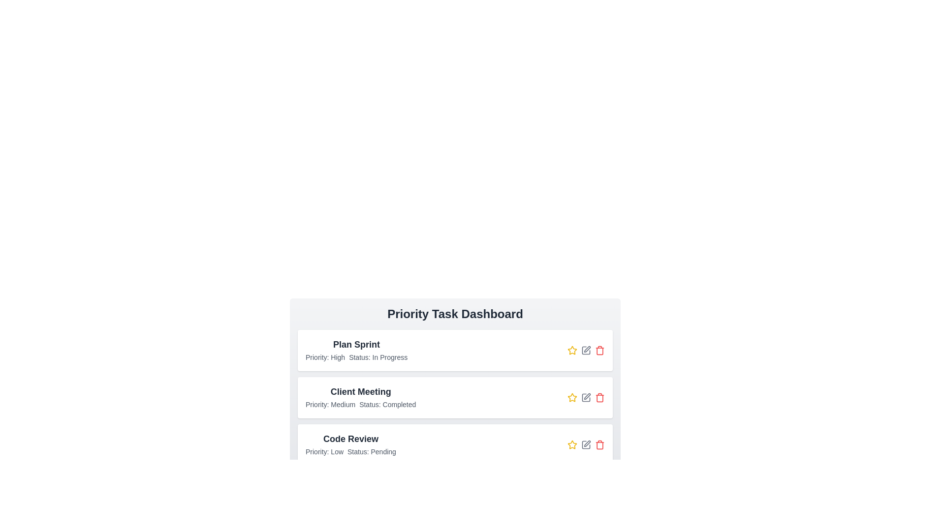 The image size is (945, 531). Describe the element at coordinates (599, 350) in the screenshot. I see `the delete button for the task titled Plan Sprint` at that location.